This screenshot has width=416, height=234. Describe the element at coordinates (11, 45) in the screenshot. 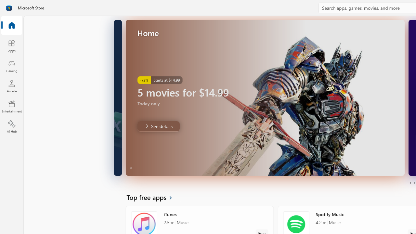

I see `'Apps'` at that location.